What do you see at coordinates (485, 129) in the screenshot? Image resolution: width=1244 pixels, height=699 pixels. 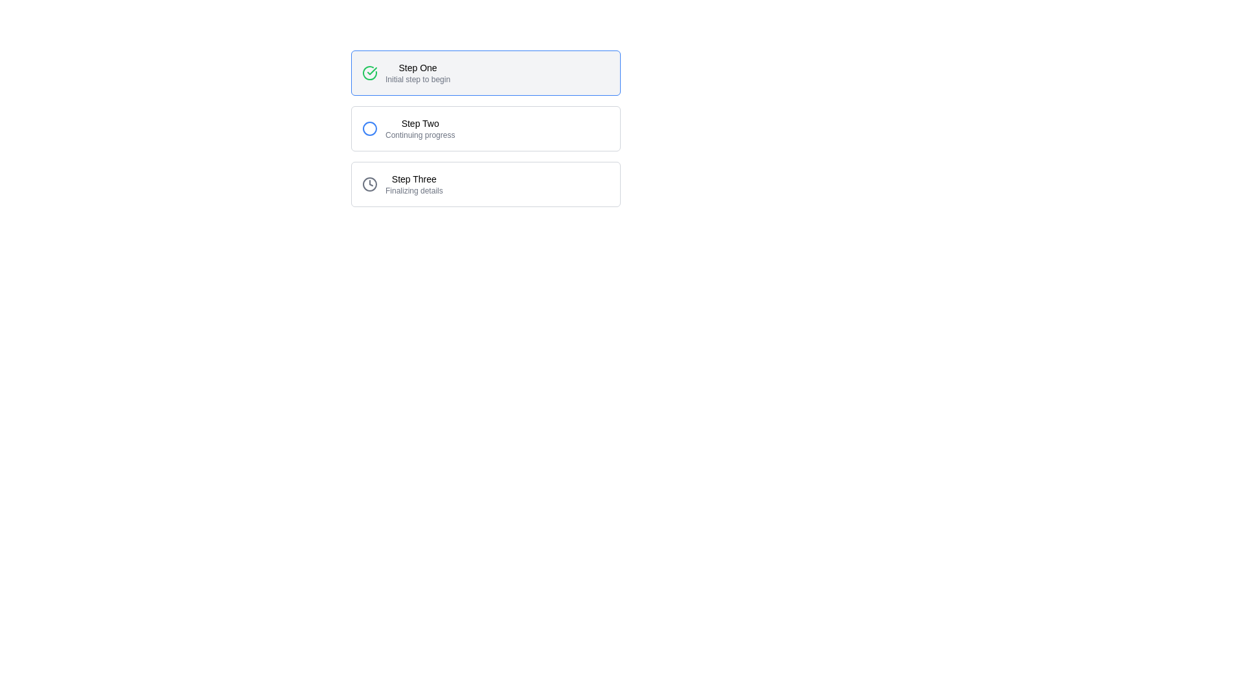 I see `the Progress indicator with labeled steps located centrally on the display to interact with individual steps` at bounding box center [485, 129].